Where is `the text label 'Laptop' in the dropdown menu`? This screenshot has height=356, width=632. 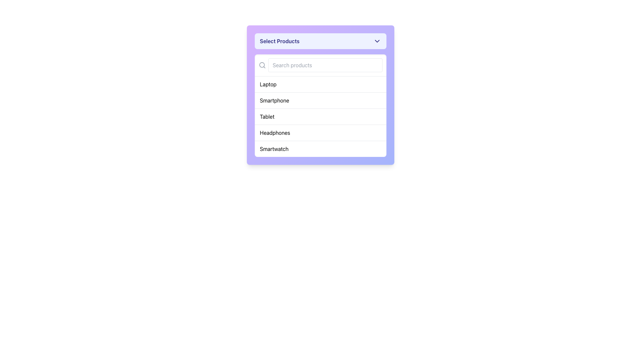 the text label 'Laptop' in the dropdown menu is located at coordinates (268, 84).